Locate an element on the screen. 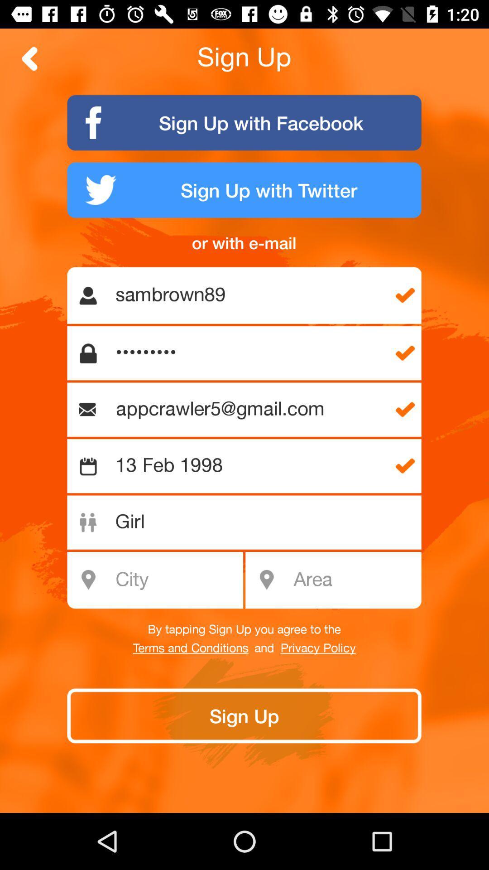  terms and conditions icon is located at coordinates (190, 648).